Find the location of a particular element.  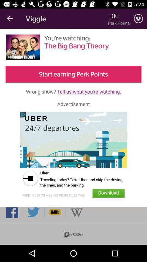

open advertisement is located at coordinates (73, 156).